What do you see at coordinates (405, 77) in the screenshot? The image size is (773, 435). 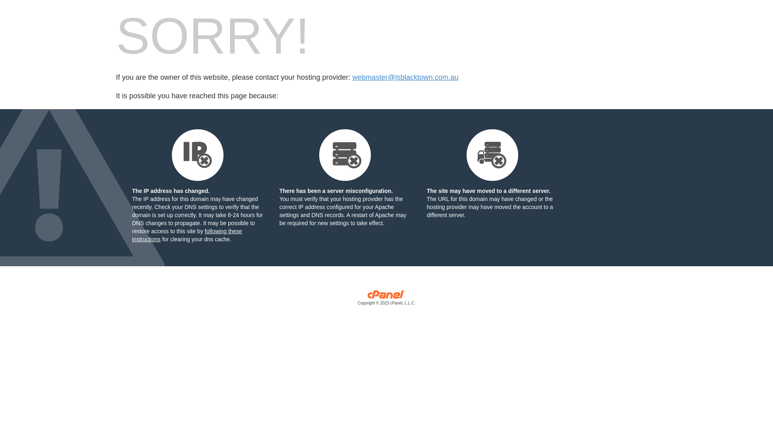 I see `'webmaster@lsblacktown.com.au'` at bounding box center [405, 77].